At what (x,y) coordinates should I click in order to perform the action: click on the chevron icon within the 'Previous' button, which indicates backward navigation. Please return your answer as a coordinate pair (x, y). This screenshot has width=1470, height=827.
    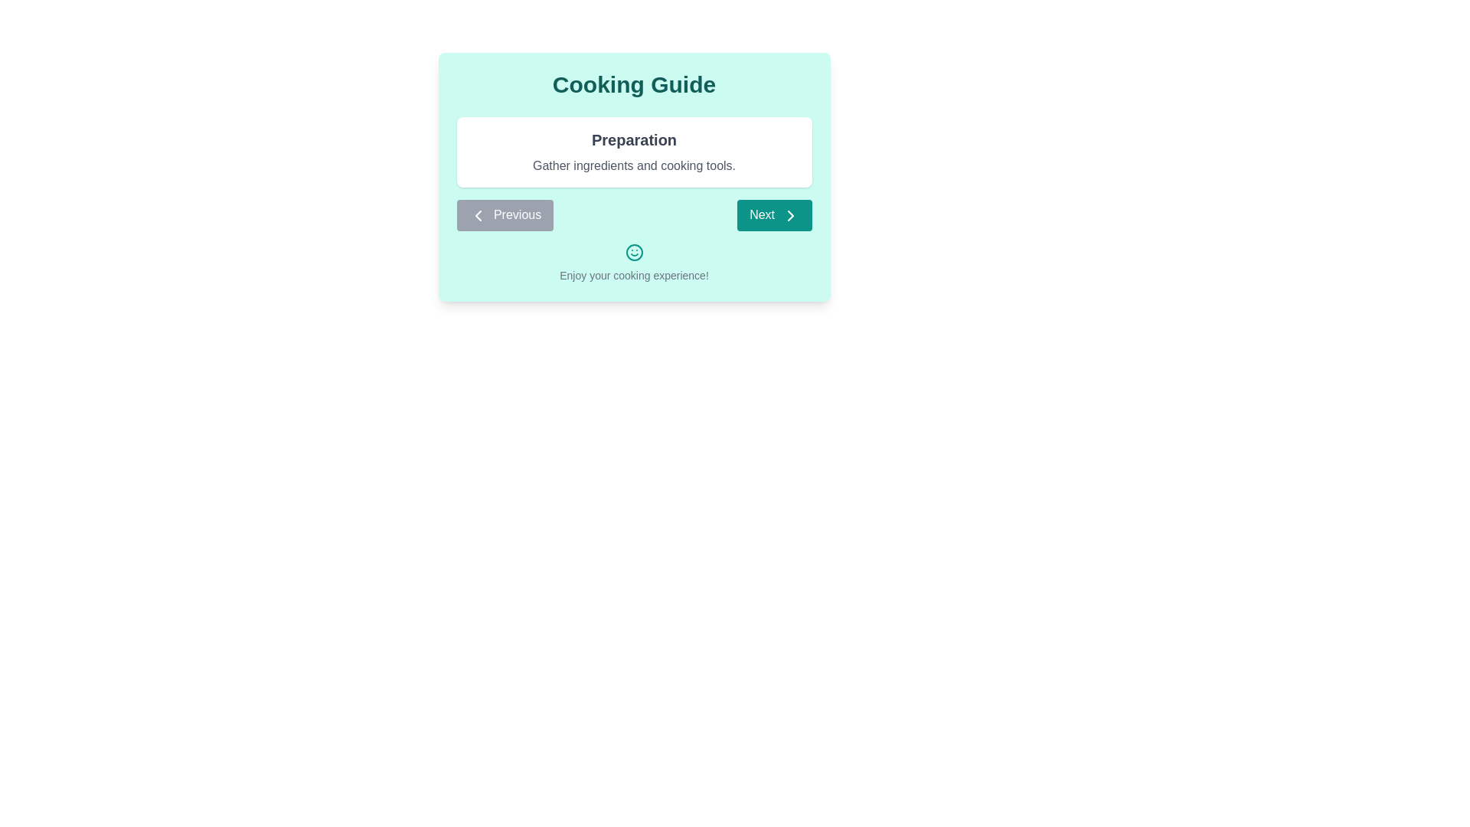
    Looking at the image, I should click on (477, 215).